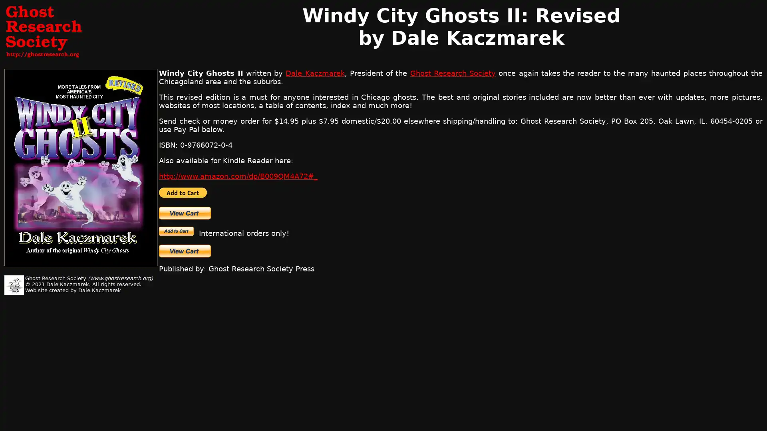 This screenshot has height=431, width=767. What do you see at coordinates (184, 250) in the screenshot?
I see `Make payments with PayPal - it's fast, free and secure!` at bounding box center [184, 250].